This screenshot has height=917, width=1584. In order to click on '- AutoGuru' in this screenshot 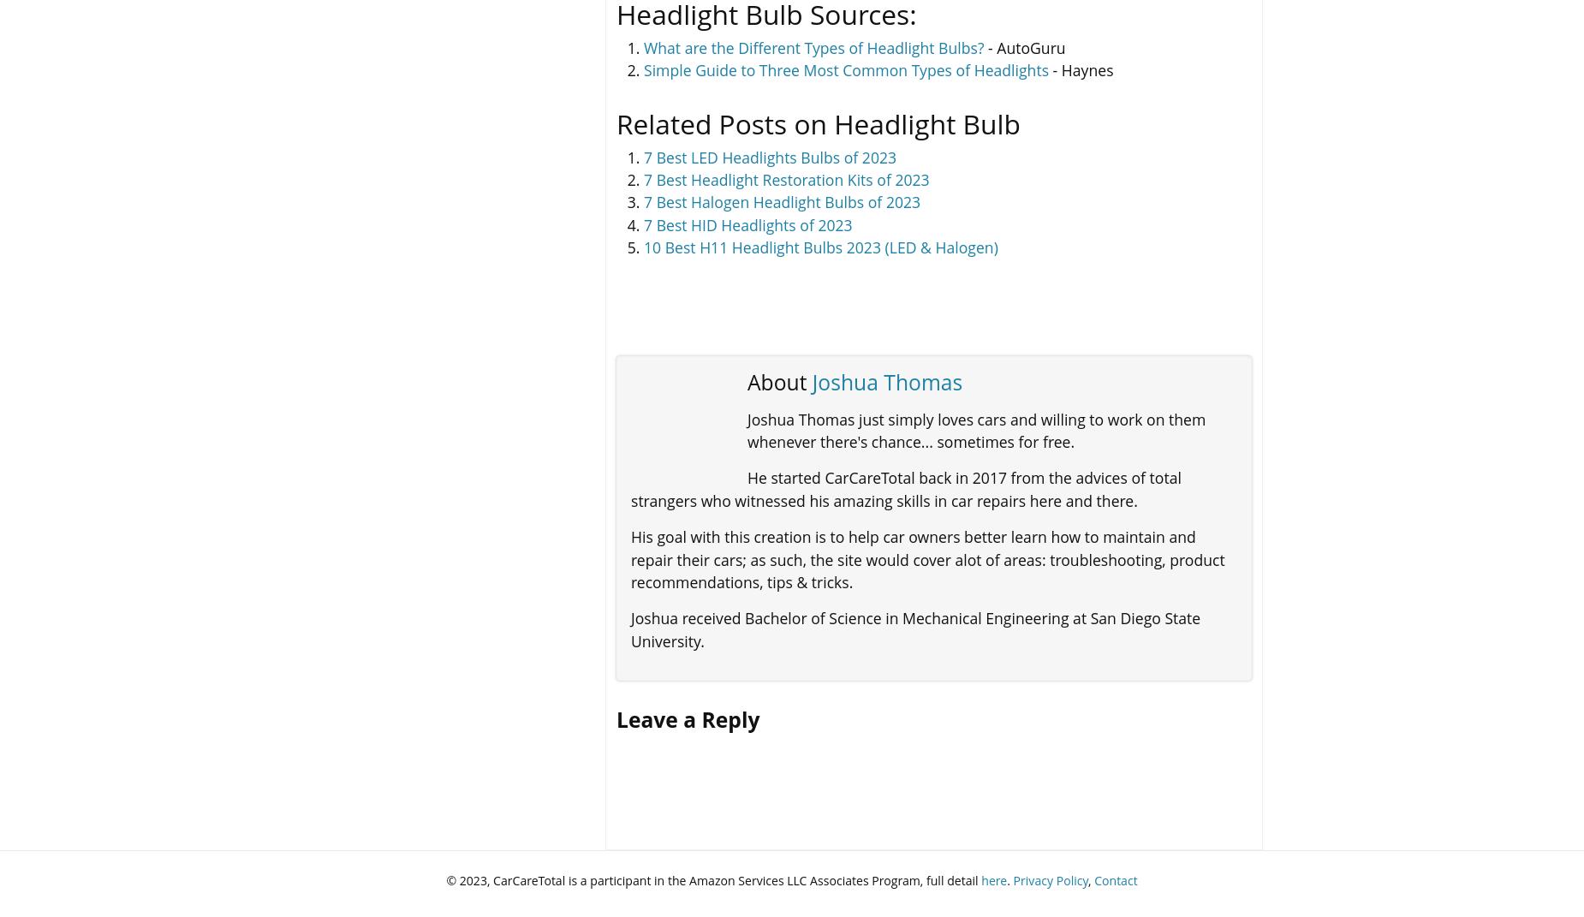, I will do `click(1023, 46)`.